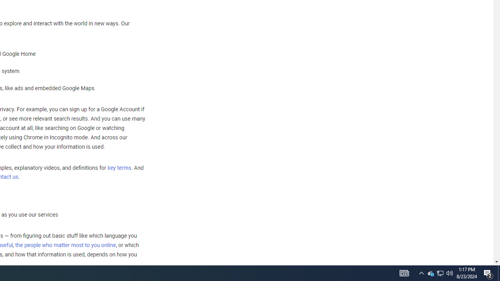  I want to click on 'the people who matter most to you online', so click(65, 245).